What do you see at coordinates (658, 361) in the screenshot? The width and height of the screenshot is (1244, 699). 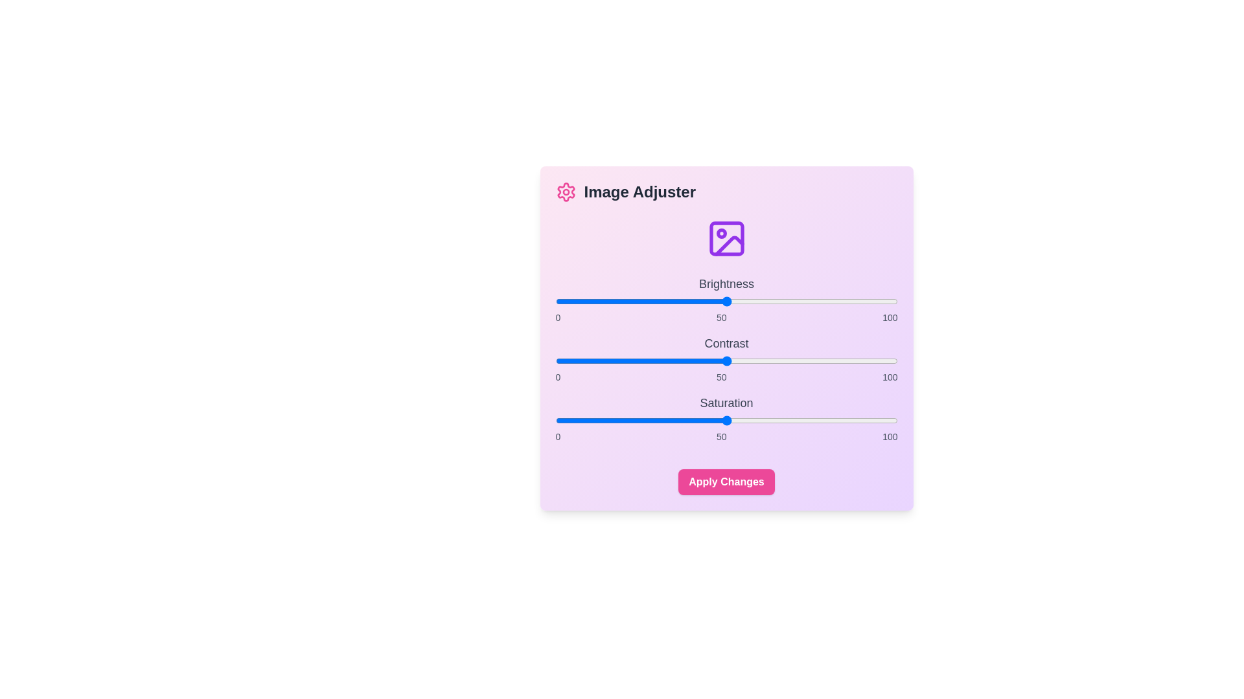 I see `the contrast slider to 30 percent` at bounding box center [658, 361].